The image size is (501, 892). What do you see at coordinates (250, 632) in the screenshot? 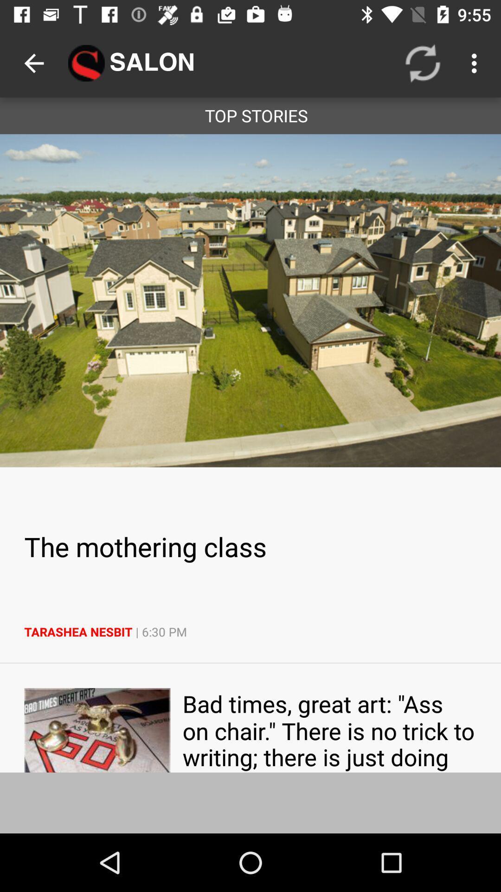
I see `tarashea nesbit 6 app` at bounding box center [250, 632].